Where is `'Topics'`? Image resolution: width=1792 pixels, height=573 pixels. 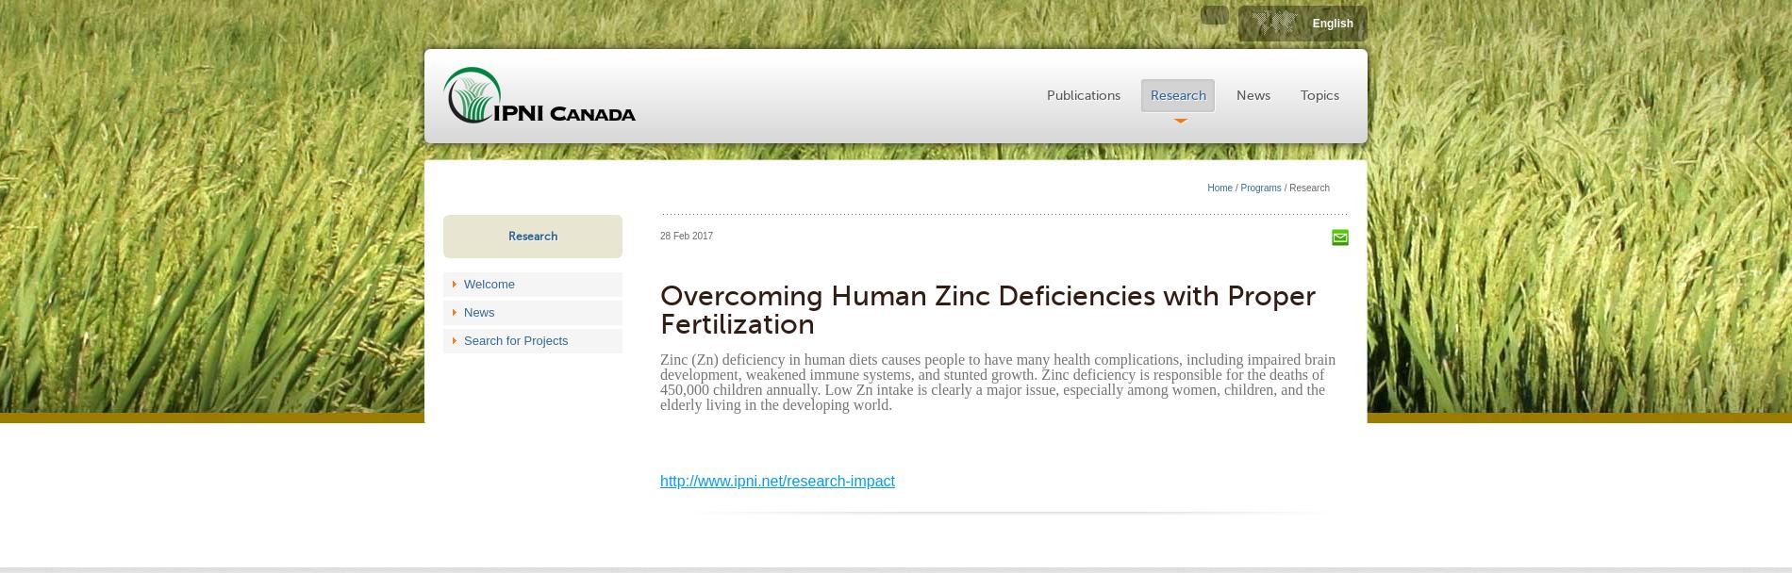
'Topics' is located at coordinates (1319, 95).